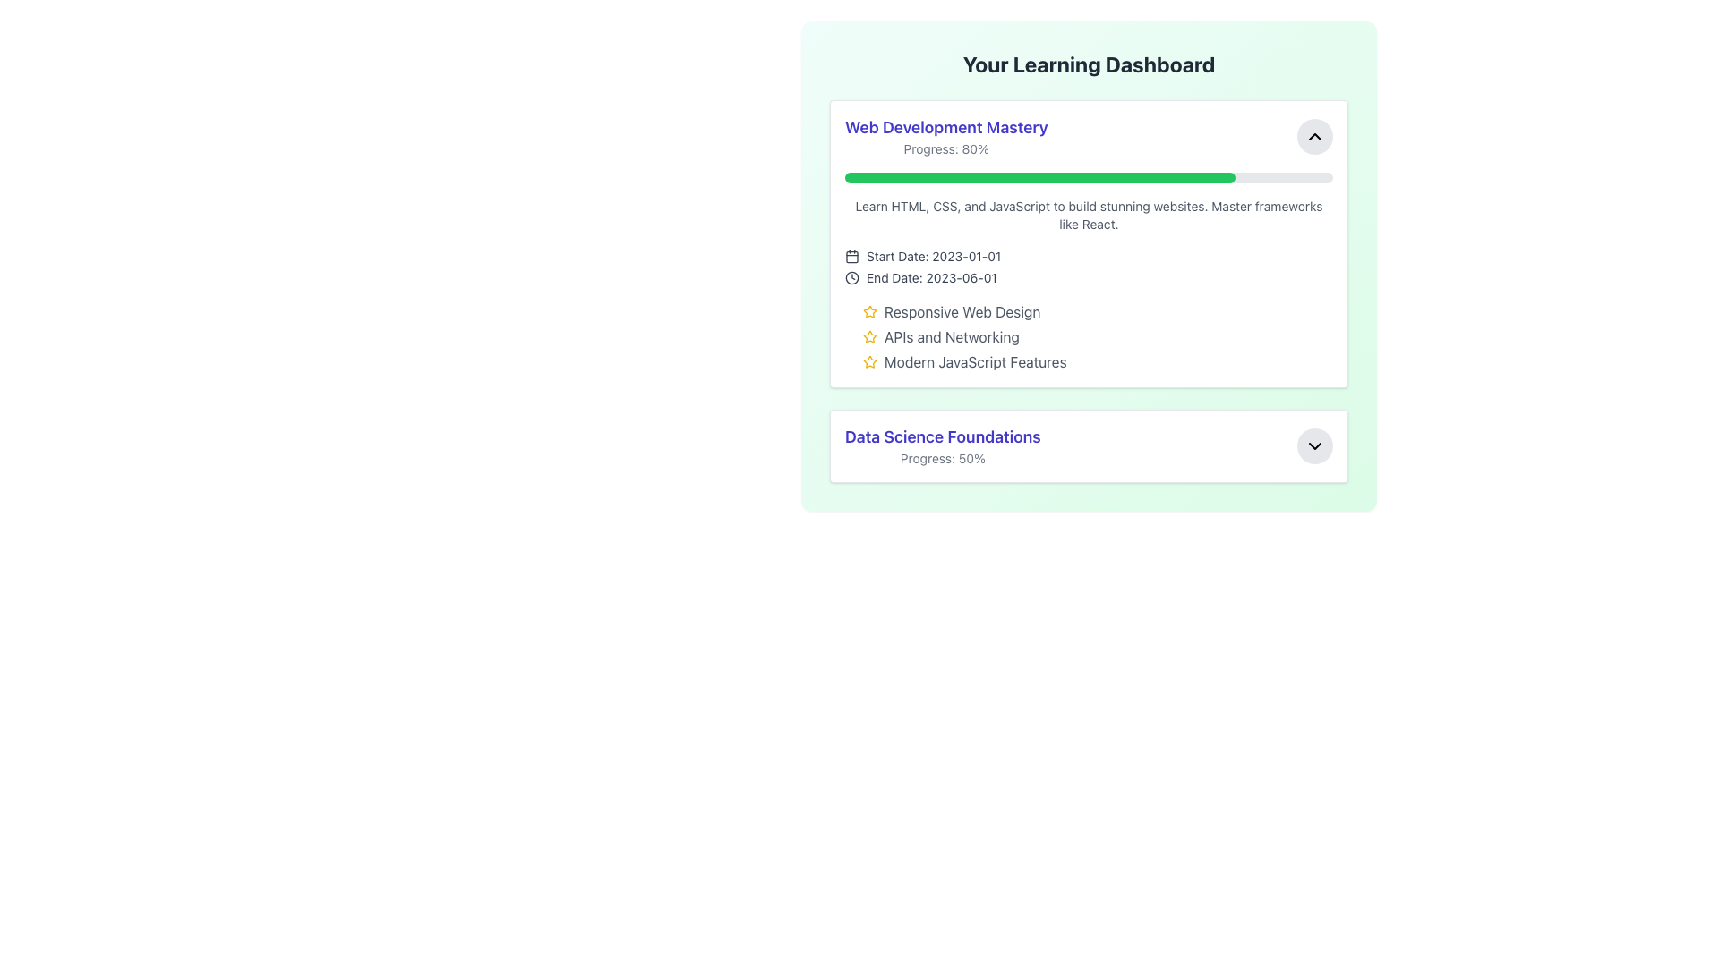  Describe the element at coordinates (1314, 136) in the screenshot. I see `the circular button with a light gray background and upward-pointing chevron icon` at that location.